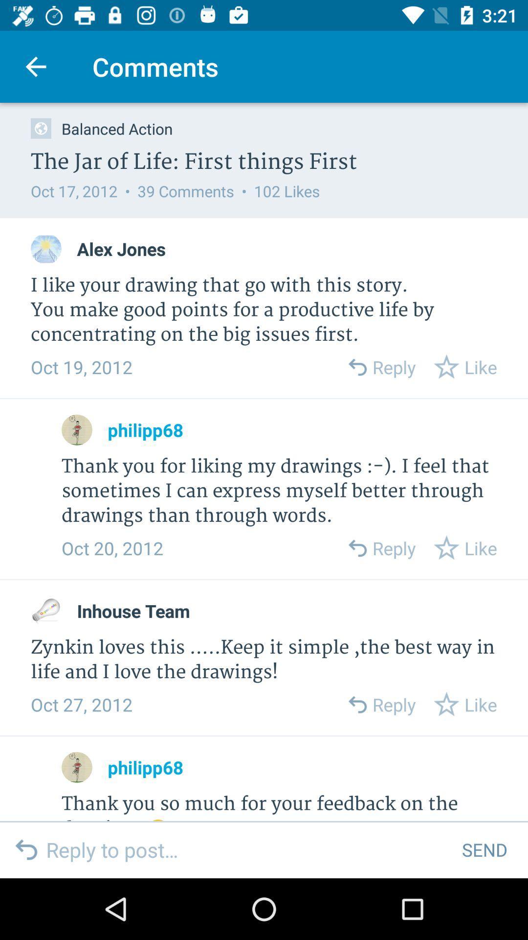 Image resolution: width=528 pixels, height=940 pixels. Describe the element at coordinates (76, 430) in the screenshot. I see `philipp68 's profile` at that location.